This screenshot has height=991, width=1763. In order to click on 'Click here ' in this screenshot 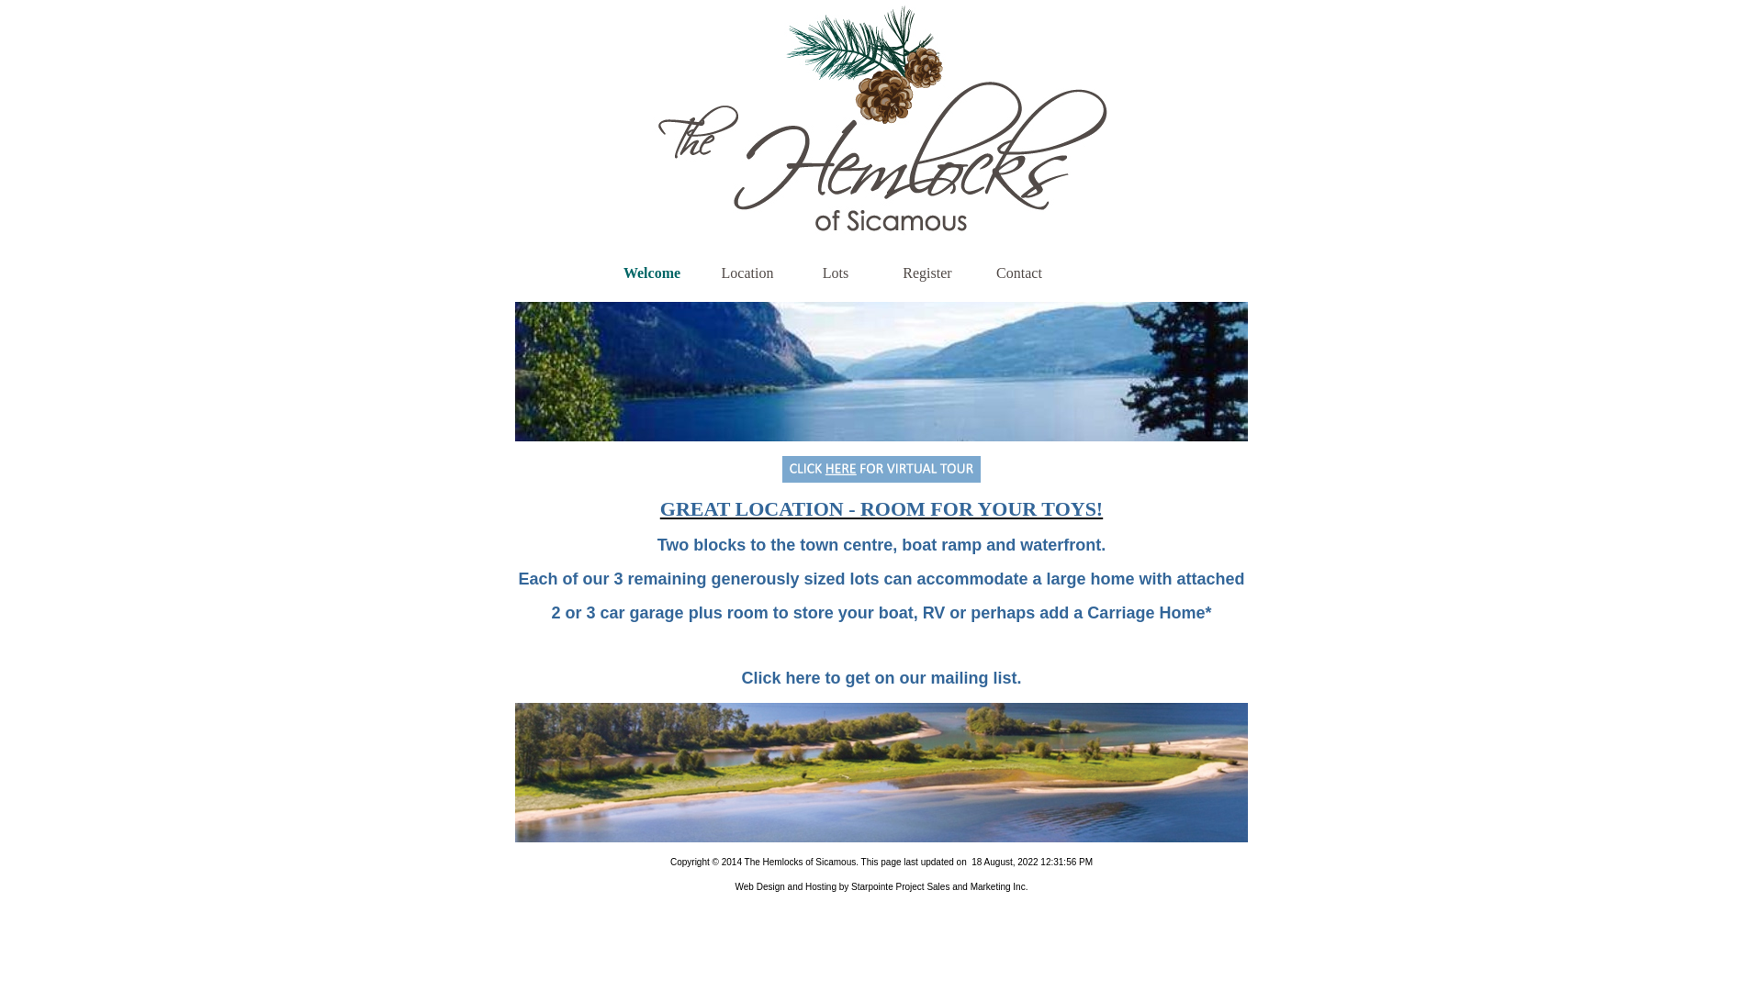, I will do `click(782, 678)`.